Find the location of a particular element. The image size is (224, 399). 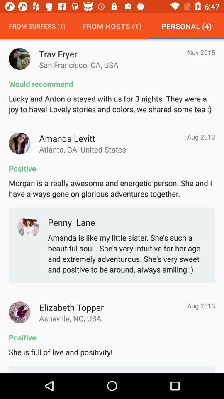

open to view profile is located at coordinates (19, 312).